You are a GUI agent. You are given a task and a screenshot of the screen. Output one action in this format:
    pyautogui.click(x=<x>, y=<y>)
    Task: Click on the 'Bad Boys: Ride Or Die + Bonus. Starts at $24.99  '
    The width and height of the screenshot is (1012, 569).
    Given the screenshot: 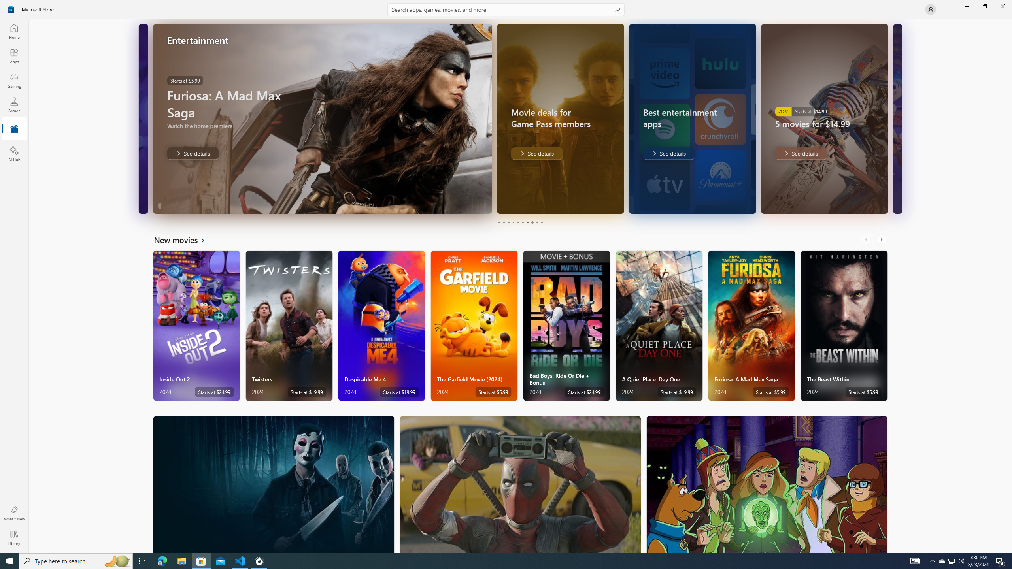 What is the action you would take?
    pyautogui.click(x=566, y=326)
    